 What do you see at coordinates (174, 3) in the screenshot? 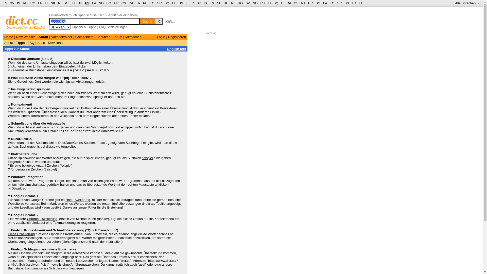
I see `'EL'` at bounding box center [174, 3].